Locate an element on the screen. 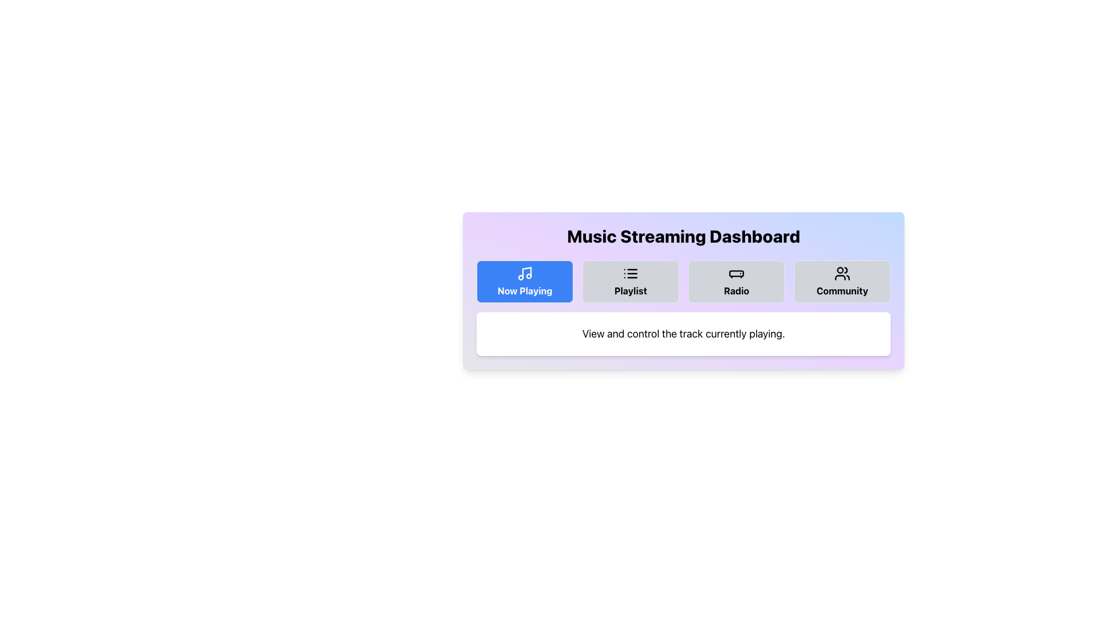  the 'Now Playing' button, which is a rectangular button with rounded corners, a blue background, and white bold text that reads 'Now Playing', located in the horizontal navigation bar is located at coordinates (524, 281).